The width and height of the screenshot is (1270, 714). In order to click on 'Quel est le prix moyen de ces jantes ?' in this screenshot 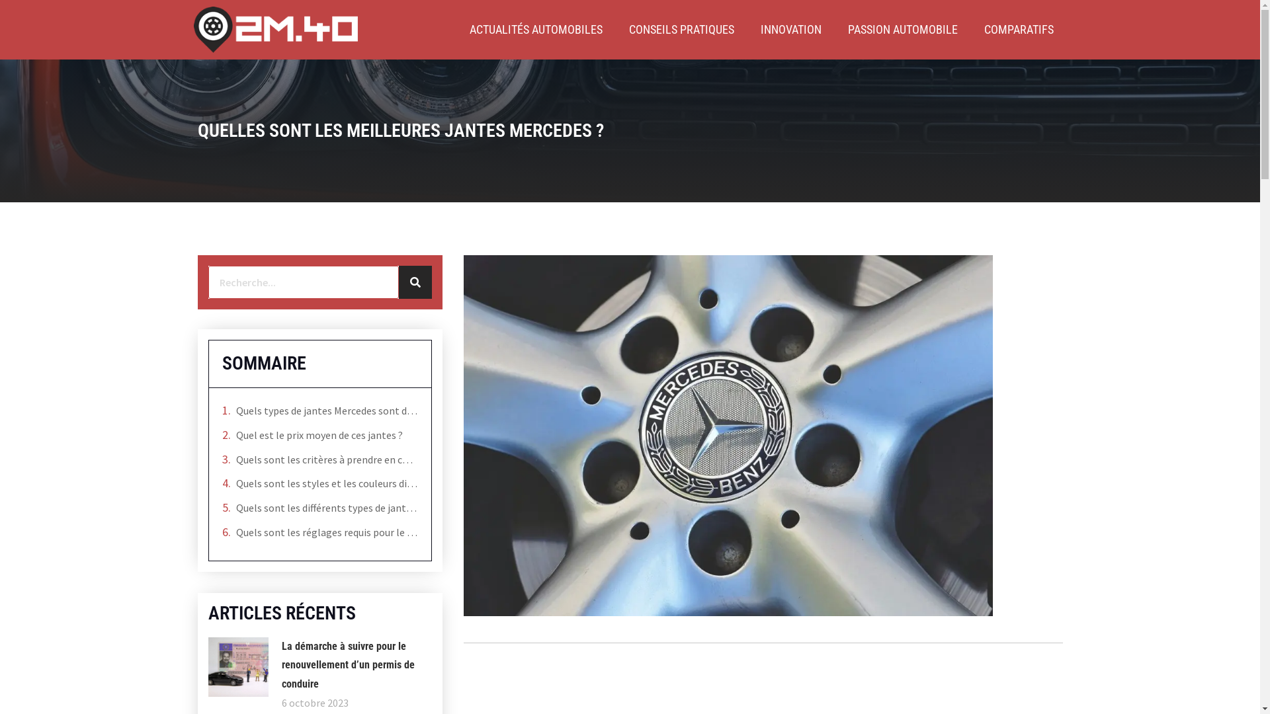, I will do `click(318, 435)`.